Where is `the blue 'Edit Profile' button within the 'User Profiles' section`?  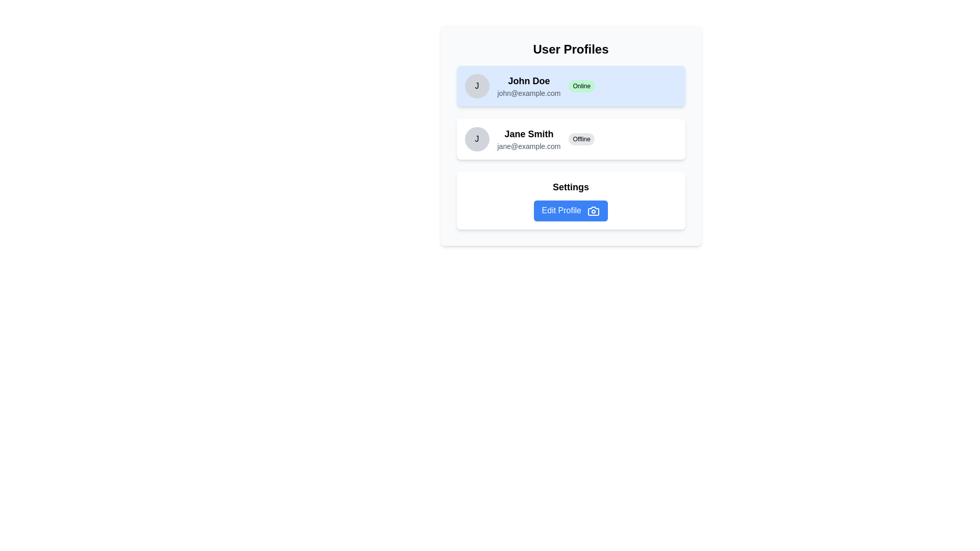 the blue 'Edit Profile' button within the 'User Profiles' section is located at coordinates (570, 201).